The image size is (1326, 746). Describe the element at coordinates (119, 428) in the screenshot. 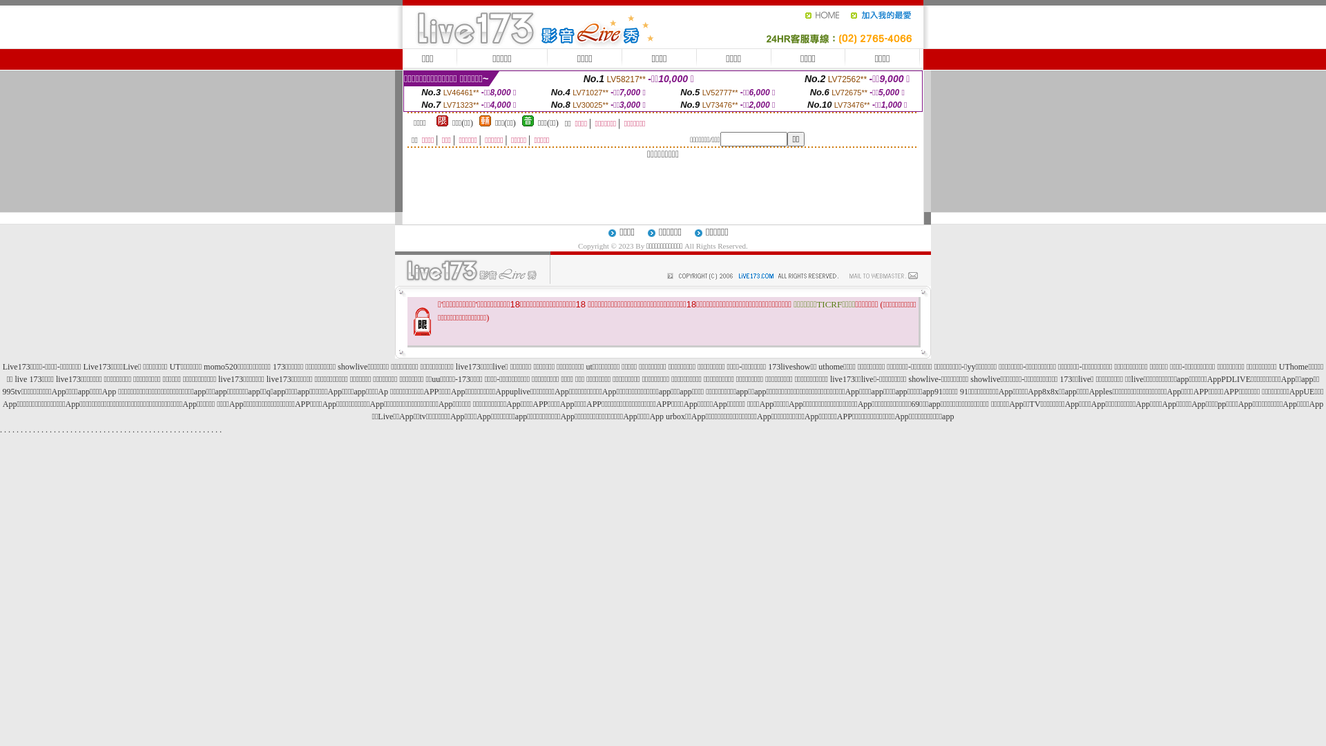

I see `'.'` at that location.